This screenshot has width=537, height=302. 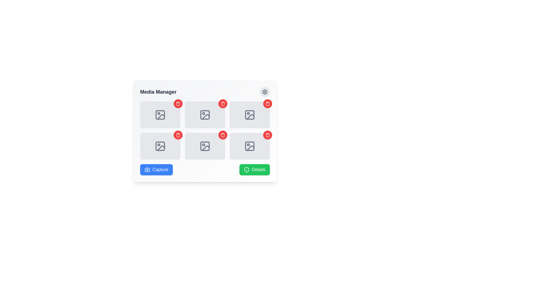 What do you see at coordinates (267, 135) in the screenshot?
I see `the circular red button with a white trash icon located at the top-right corner of the bottom-right grid box in the Media Manager interface` at bounding box center [267, 135].